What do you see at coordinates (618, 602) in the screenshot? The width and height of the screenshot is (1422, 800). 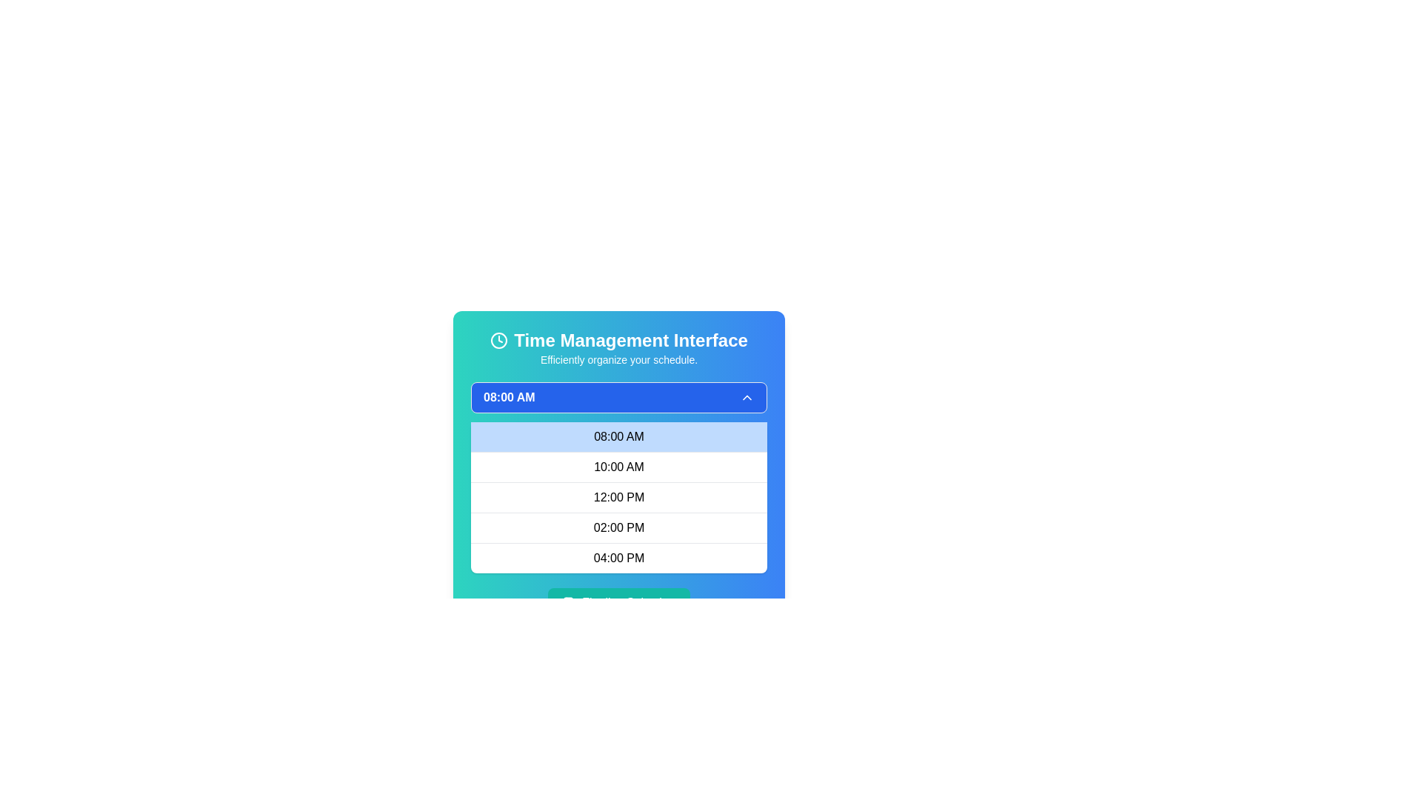 I see `the finalize button located at the bottom center of the interface, which is used to finalize the current selection or configuration` at bounding box center [618, 602].